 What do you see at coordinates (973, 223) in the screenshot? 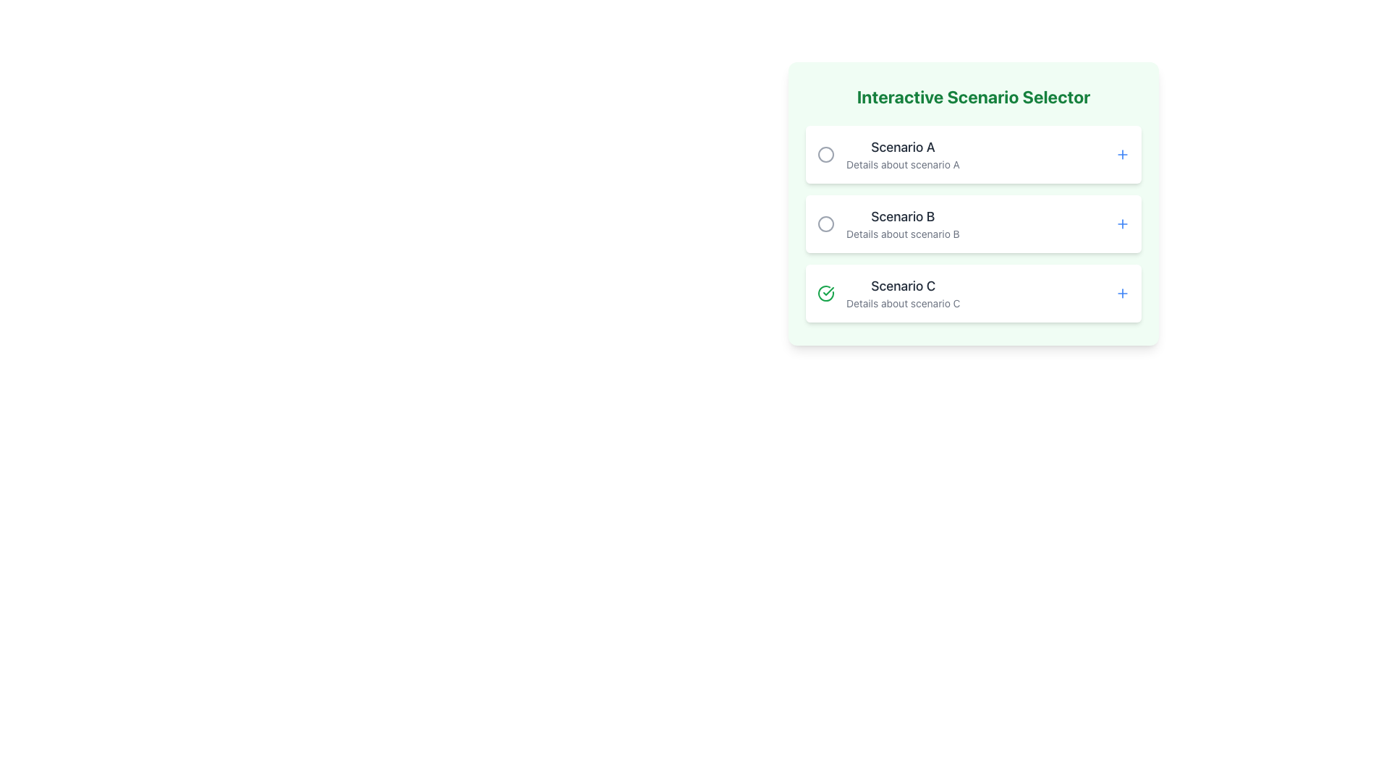
I see `the second item 'Scenario B' in the 'Interactive Scenario Selector' card to possibly highlight it` at bounding box center [973, 223].